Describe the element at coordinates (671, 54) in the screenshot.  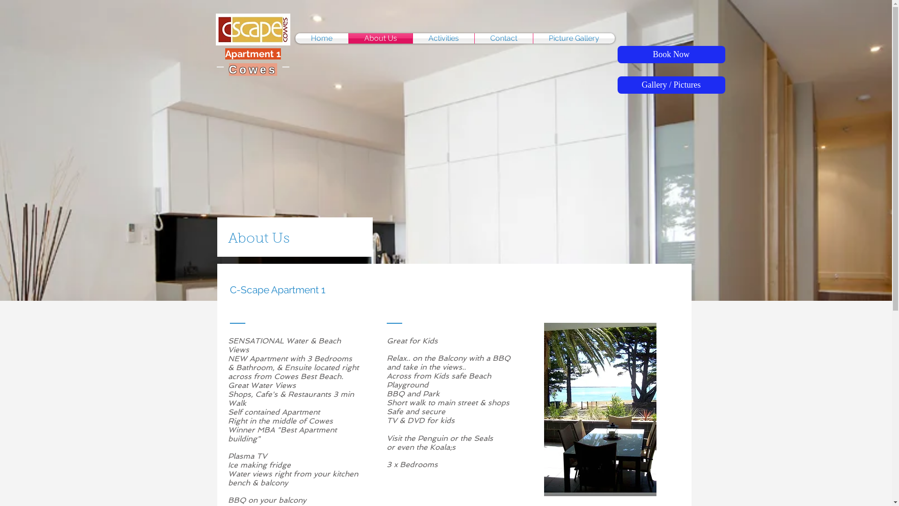
I see `'Book Now'` at that location.